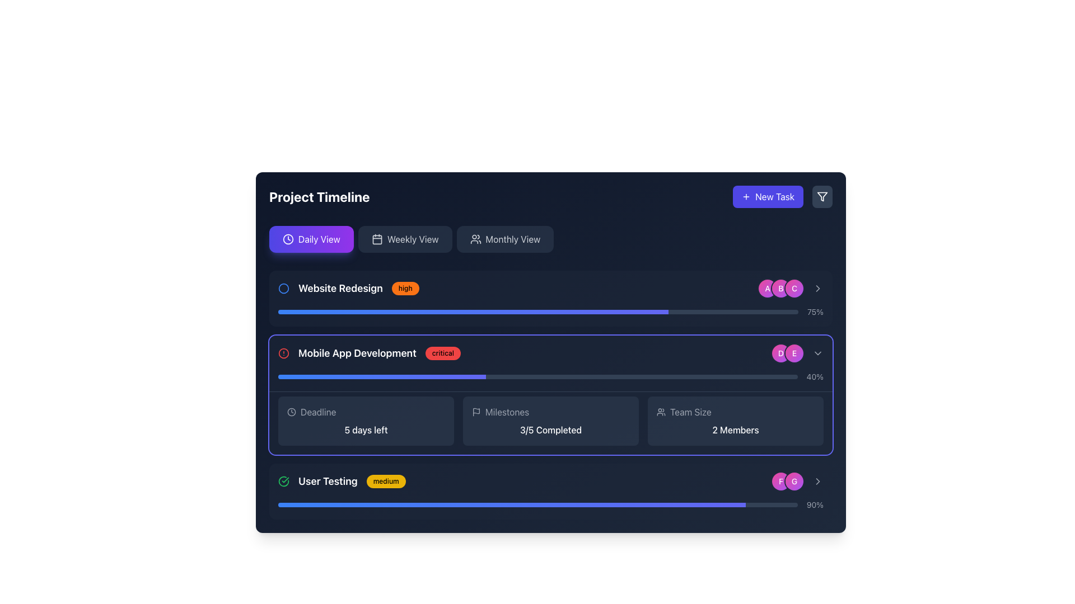 This screenshot has width=1075, height=604. Describe the element at coordinates (787, 353) in the screenshot. I see `the first badge group icon located to the right of the 'Mobile App Development' progress bar` at that location.